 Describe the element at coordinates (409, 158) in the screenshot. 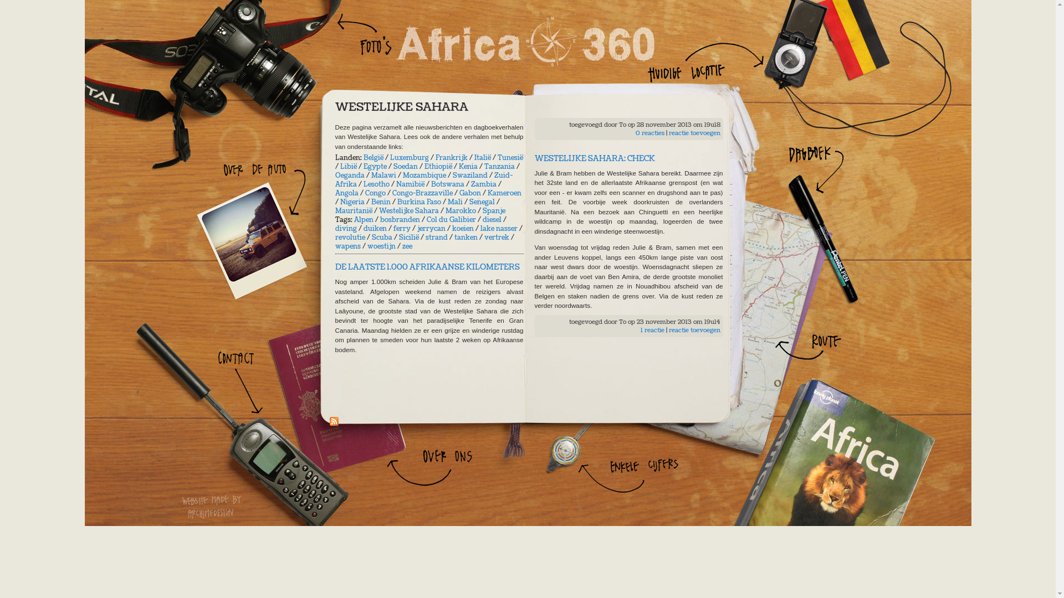

I see `'Luxemburg'` at that location.